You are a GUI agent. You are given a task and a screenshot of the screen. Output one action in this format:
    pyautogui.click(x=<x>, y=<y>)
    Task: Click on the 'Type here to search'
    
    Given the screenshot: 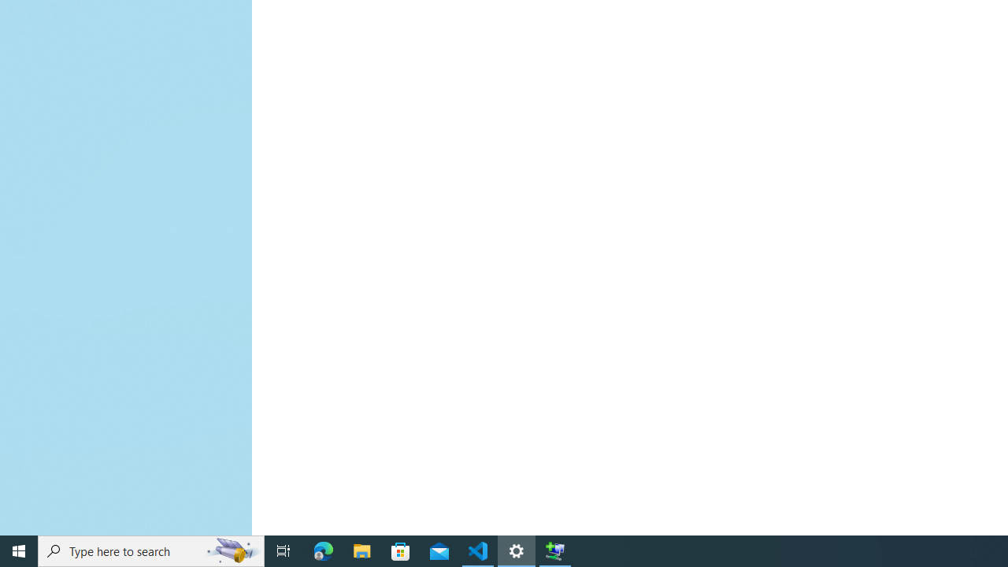 What is the action you would take?
    pyautogui.click(x=151, y=550)
    